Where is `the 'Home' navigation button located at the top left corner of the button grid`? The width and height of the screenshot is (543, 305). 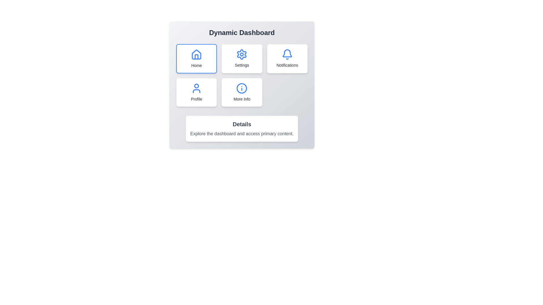 the 'Home' navigation button located at the top left corner of the button grid is located at coordinates (197, 59).